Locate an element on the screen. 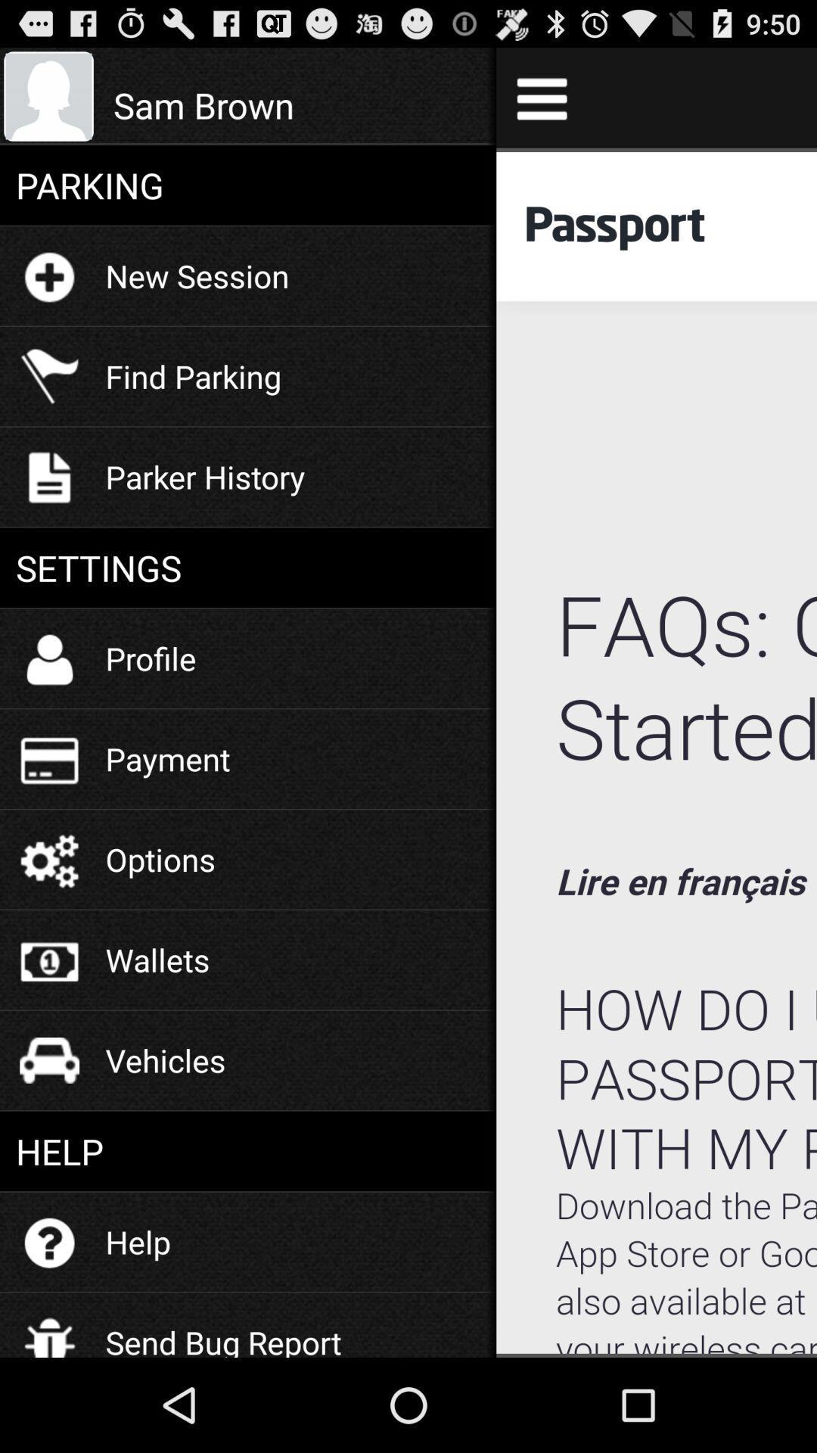  the icon below the wallets is located at coordinates (166, 1059).